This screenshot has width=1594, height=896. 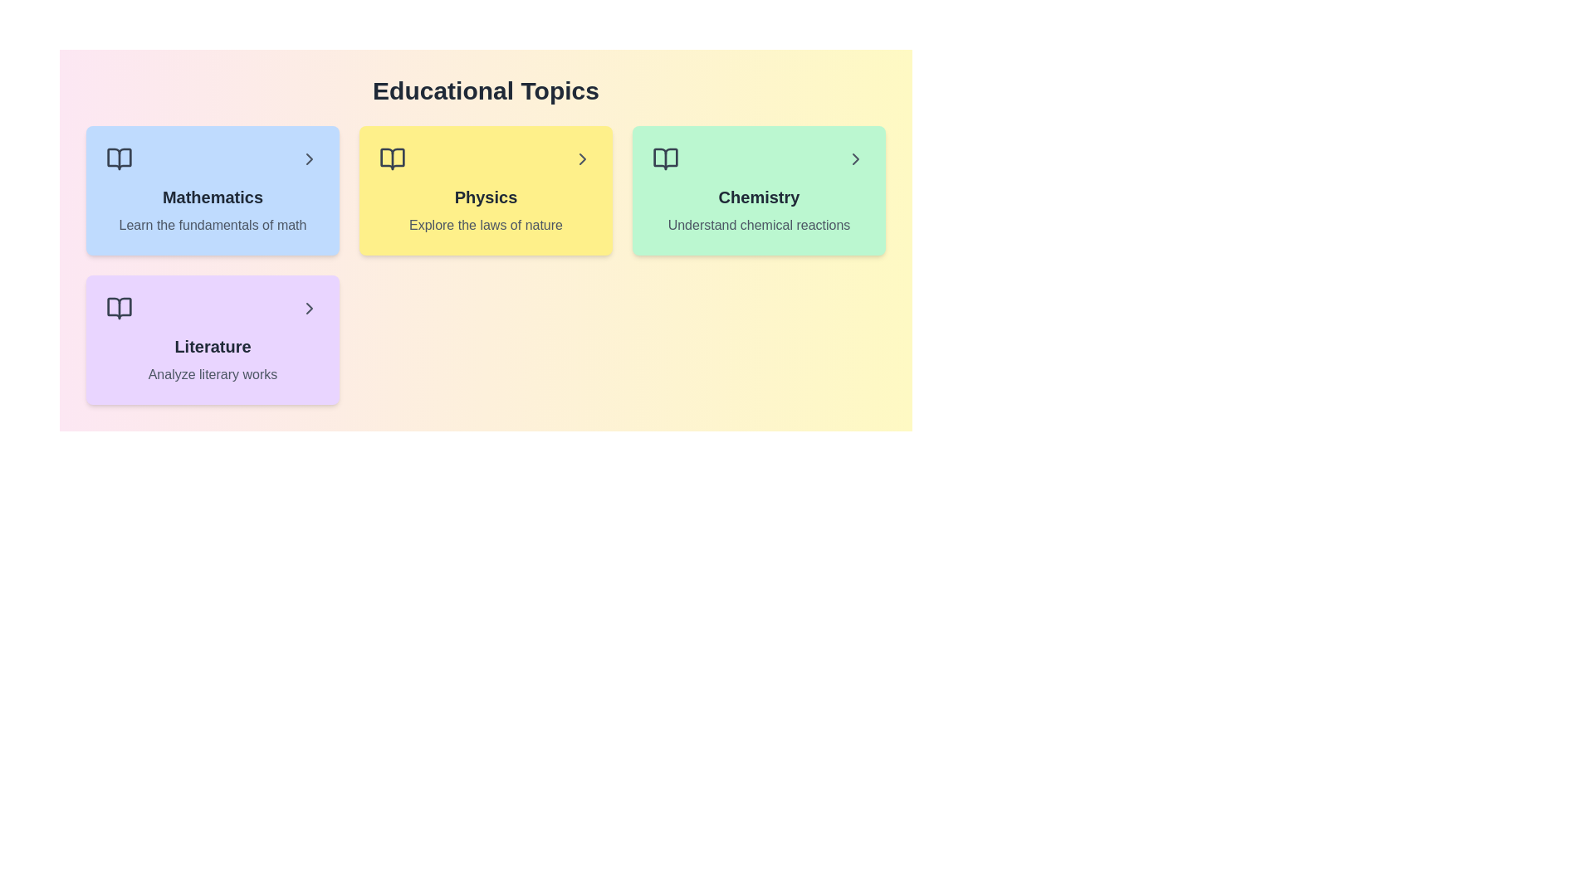 What do you see at coordinates (310, 308) in the screenshot?
I see `the arrow icon for the topic Literature` at bounding box center [310, 308].